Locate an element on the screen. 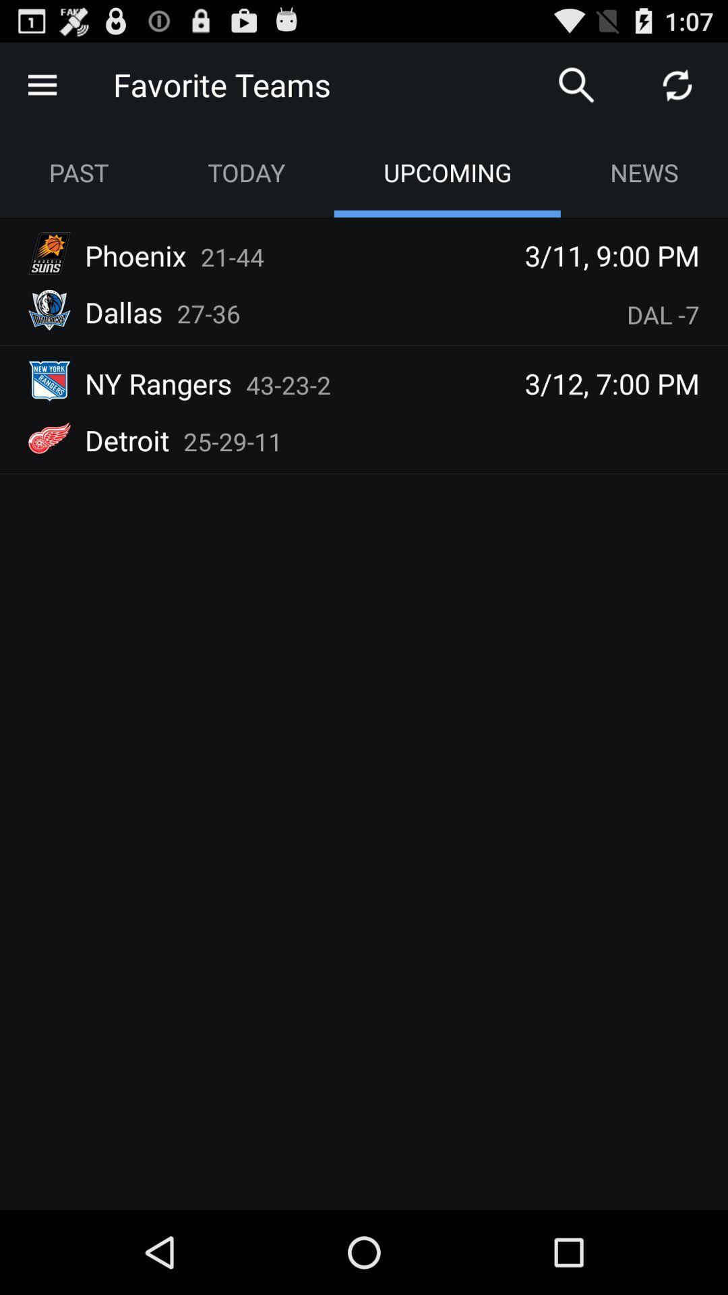 Image resolution: width=728 pixels, height=1295 pixels. the search icon is located at coordinates (576, 90).